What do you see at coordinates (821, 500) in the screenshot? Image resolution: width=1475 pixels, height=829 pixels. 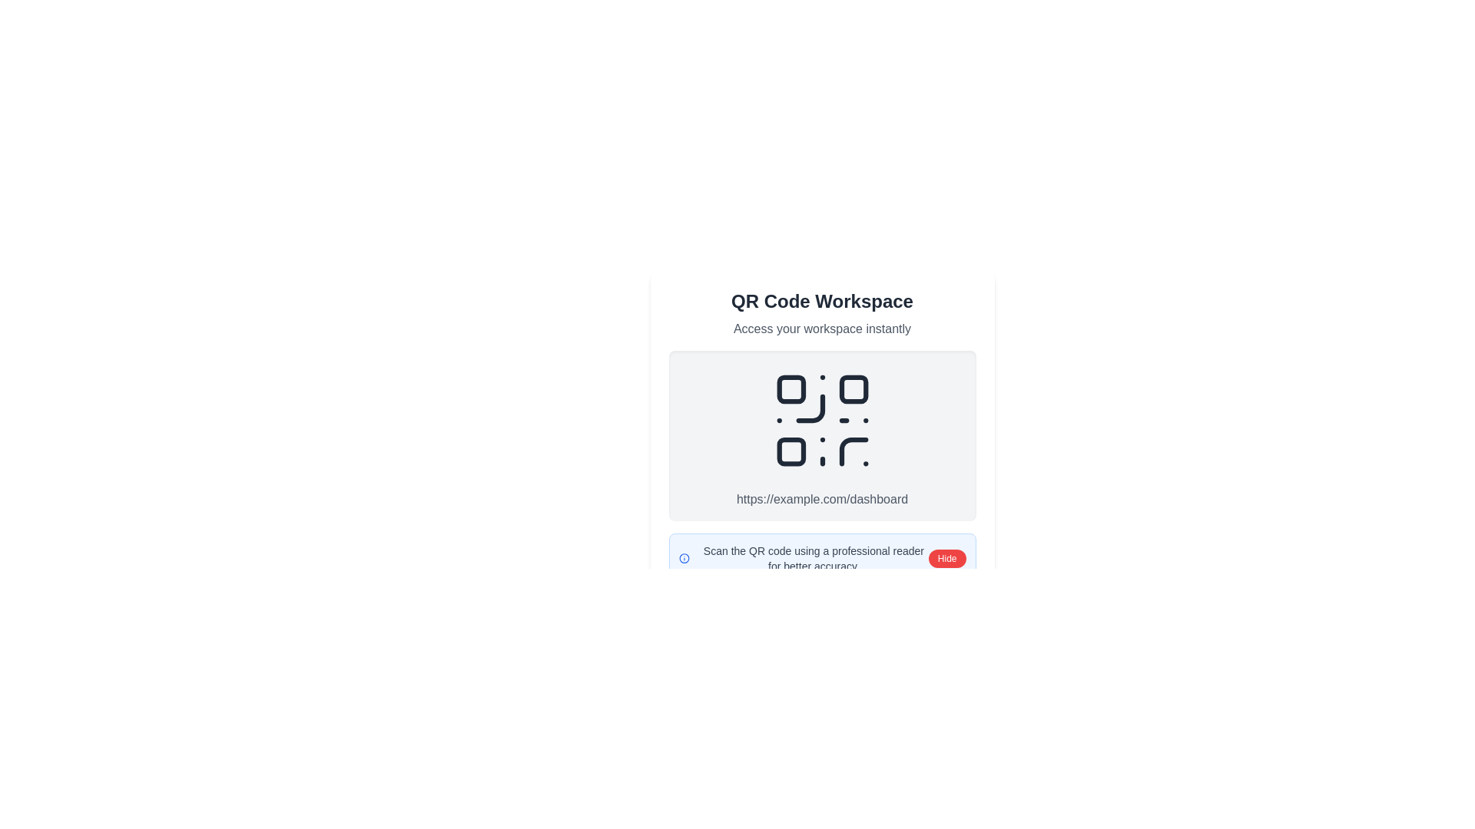 I see `the static text element displaying the URL 'https://example.com/dashboard' that is centered beneath a QR code graphic` at bounding box center [821, 500].